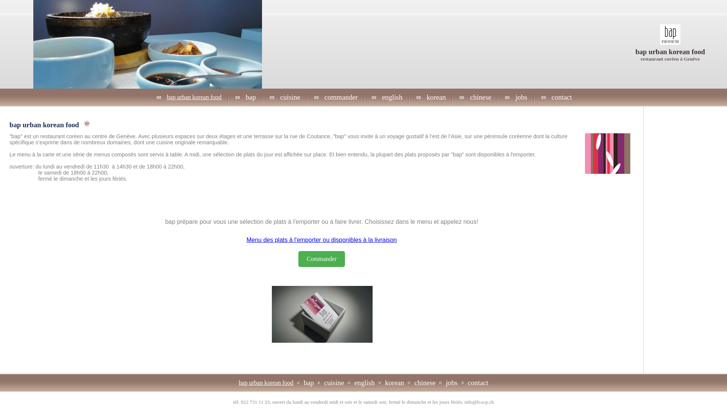 The width and height of the screenshot is (727, 409). What do you see at coordinates (245, 97) in the screenshot?
I see `'bap'` at bounding box center [245, 97].